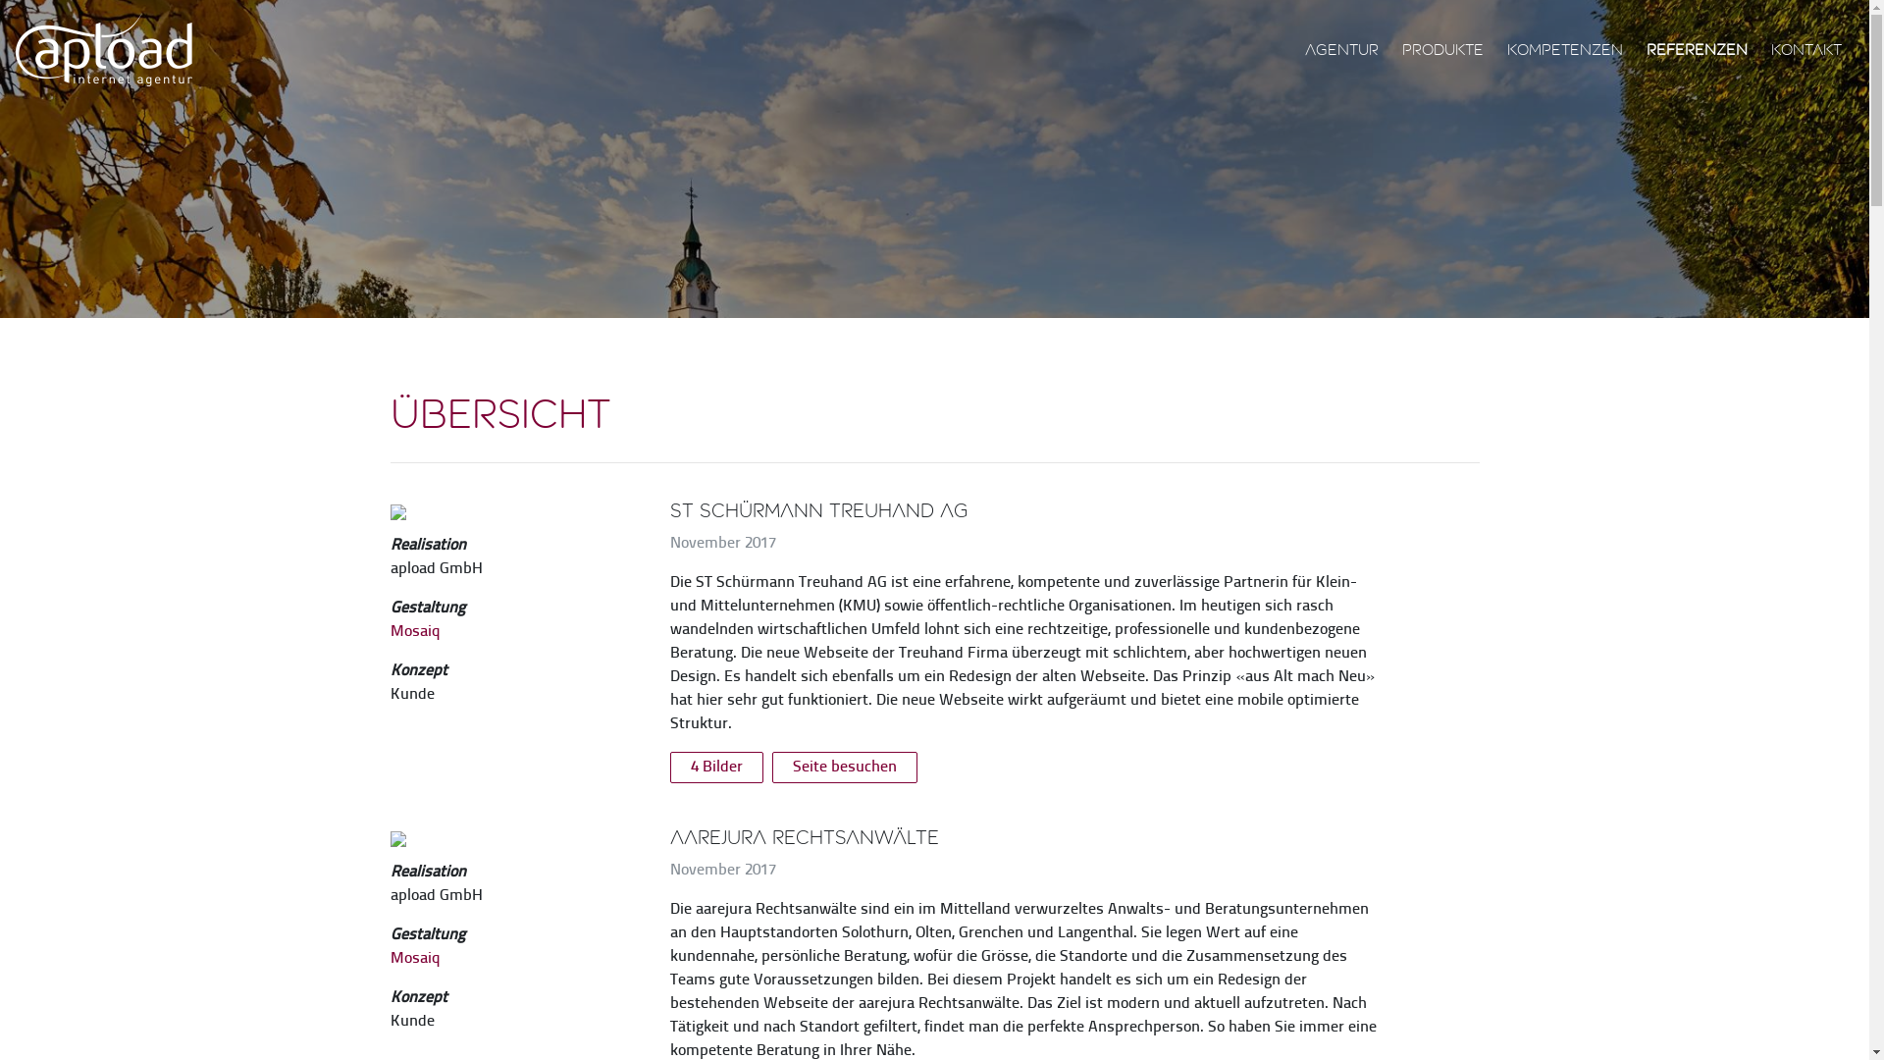 This screenshot has width=1884, height=1060. What do you see at coordinates (391, 632) in the screenshot?
I see `'Mosaiq'` at bounding box center [391, 632].